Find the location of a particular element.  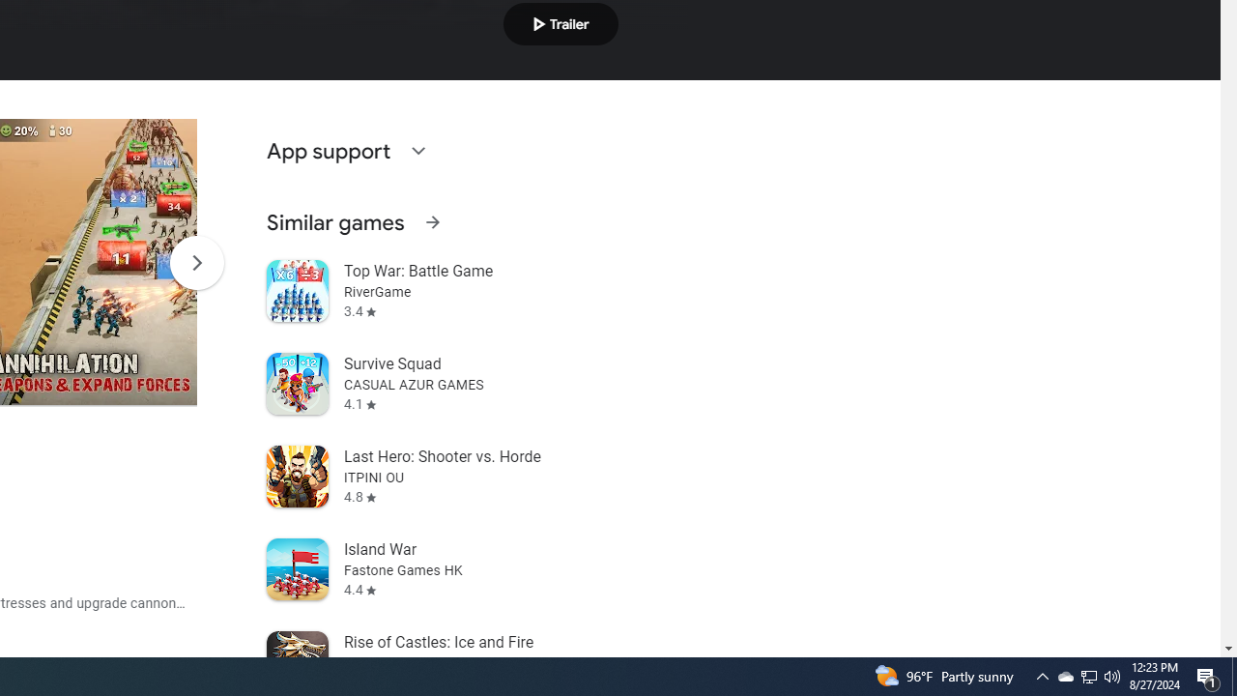

'Scroll Next' is located at coordinates (196, 263).